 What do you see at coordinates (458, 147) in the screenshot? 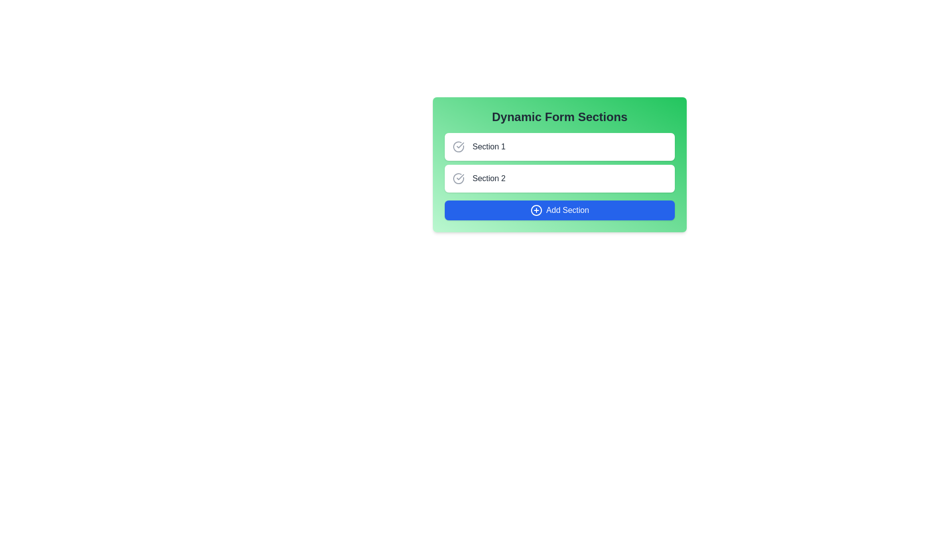
I see `the circular checkmark icon located to the left of the 'Section 1' text in the first row of the 'Dynamic Form Sections' list` at bounding box center [458, 147].